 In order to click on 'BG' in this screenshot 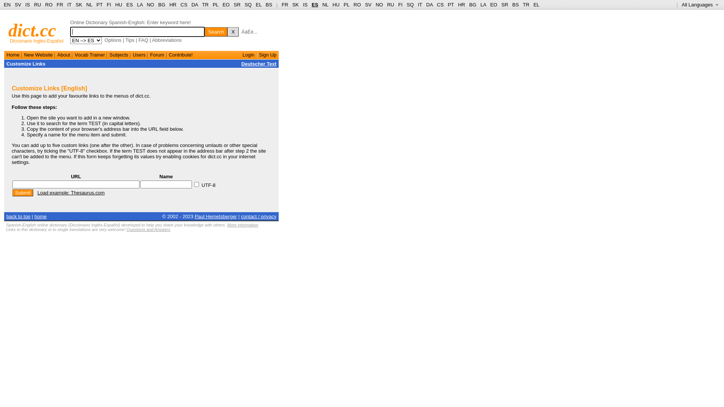, I will do `click(161, 5)`.